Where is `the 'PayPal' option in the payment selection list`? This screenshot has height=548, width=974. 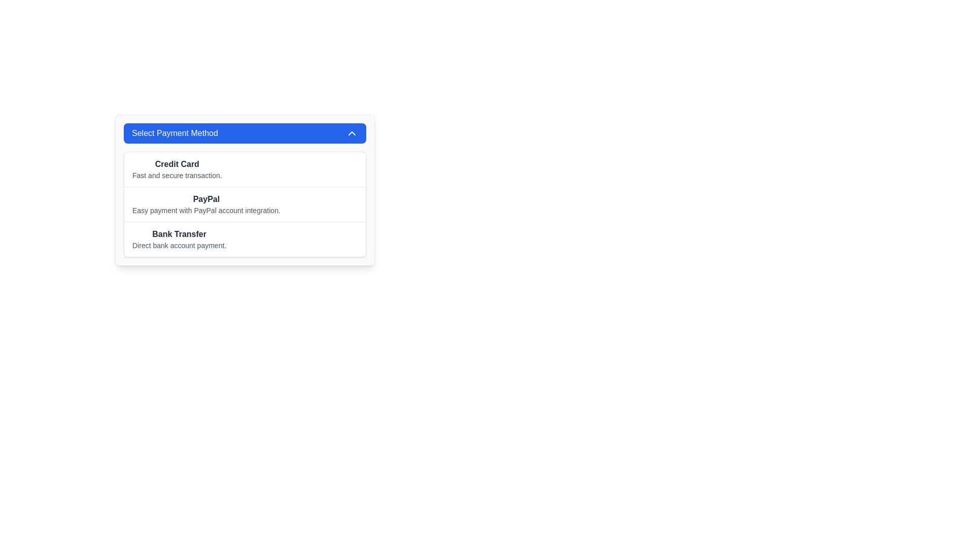 the 'PayPal' option in the payment selection list is located at coordinates (245, 190).